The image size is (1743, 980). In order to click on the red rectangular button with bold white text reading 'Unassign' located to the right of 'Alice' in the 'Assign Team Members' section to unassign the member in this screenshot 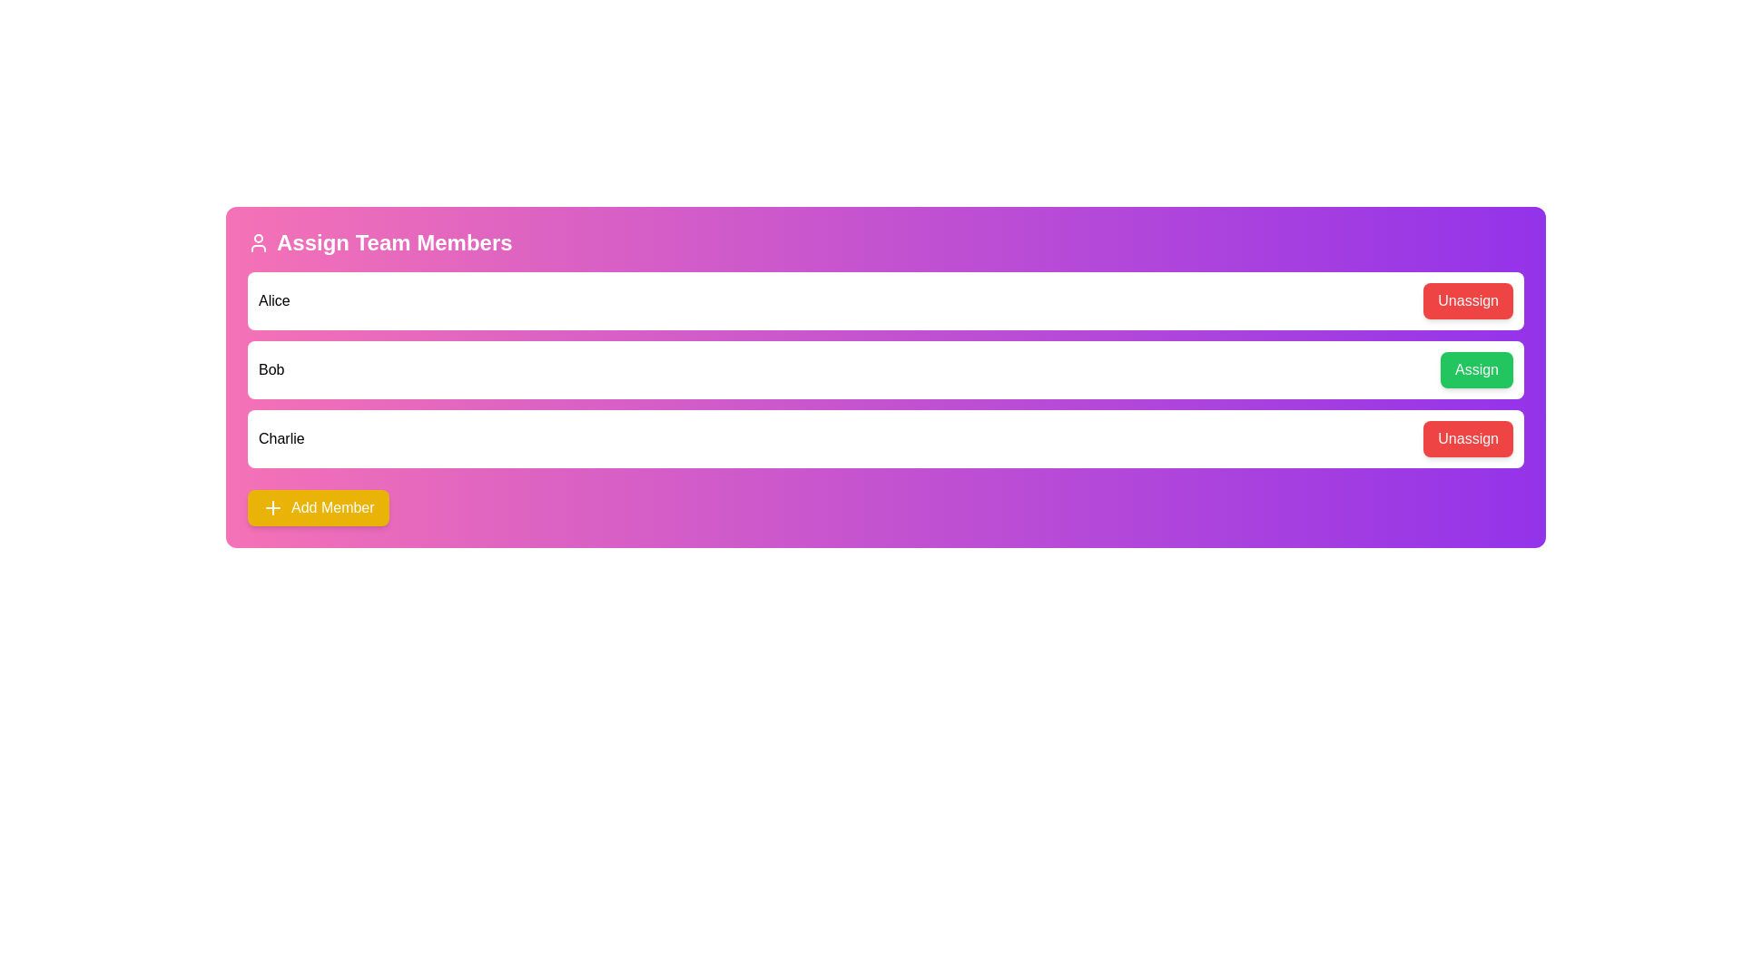, I will do `click(1468, 299)`.